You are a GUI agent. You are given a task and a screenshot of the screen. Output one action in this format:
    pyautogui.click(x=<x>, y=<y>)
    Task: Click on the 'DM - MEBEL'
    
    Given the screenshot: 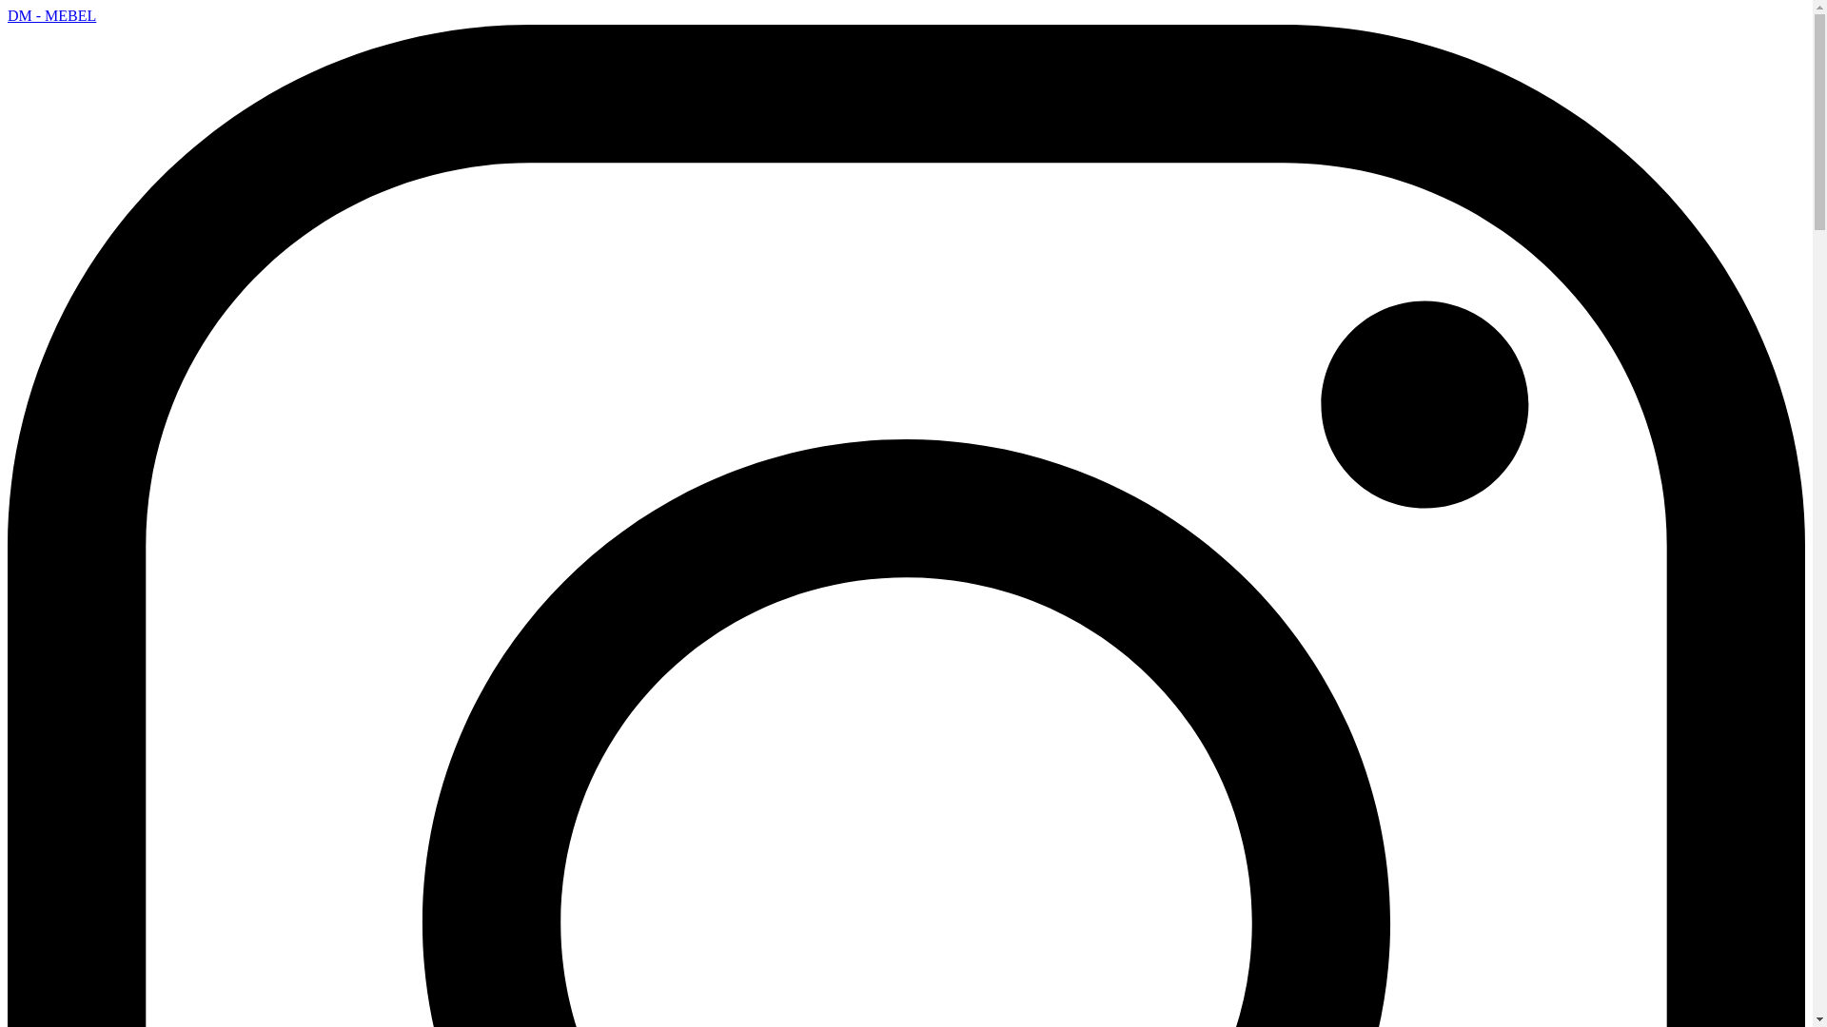 What is the action you would take?
    pyautogui.click(x=51, y=15)
    